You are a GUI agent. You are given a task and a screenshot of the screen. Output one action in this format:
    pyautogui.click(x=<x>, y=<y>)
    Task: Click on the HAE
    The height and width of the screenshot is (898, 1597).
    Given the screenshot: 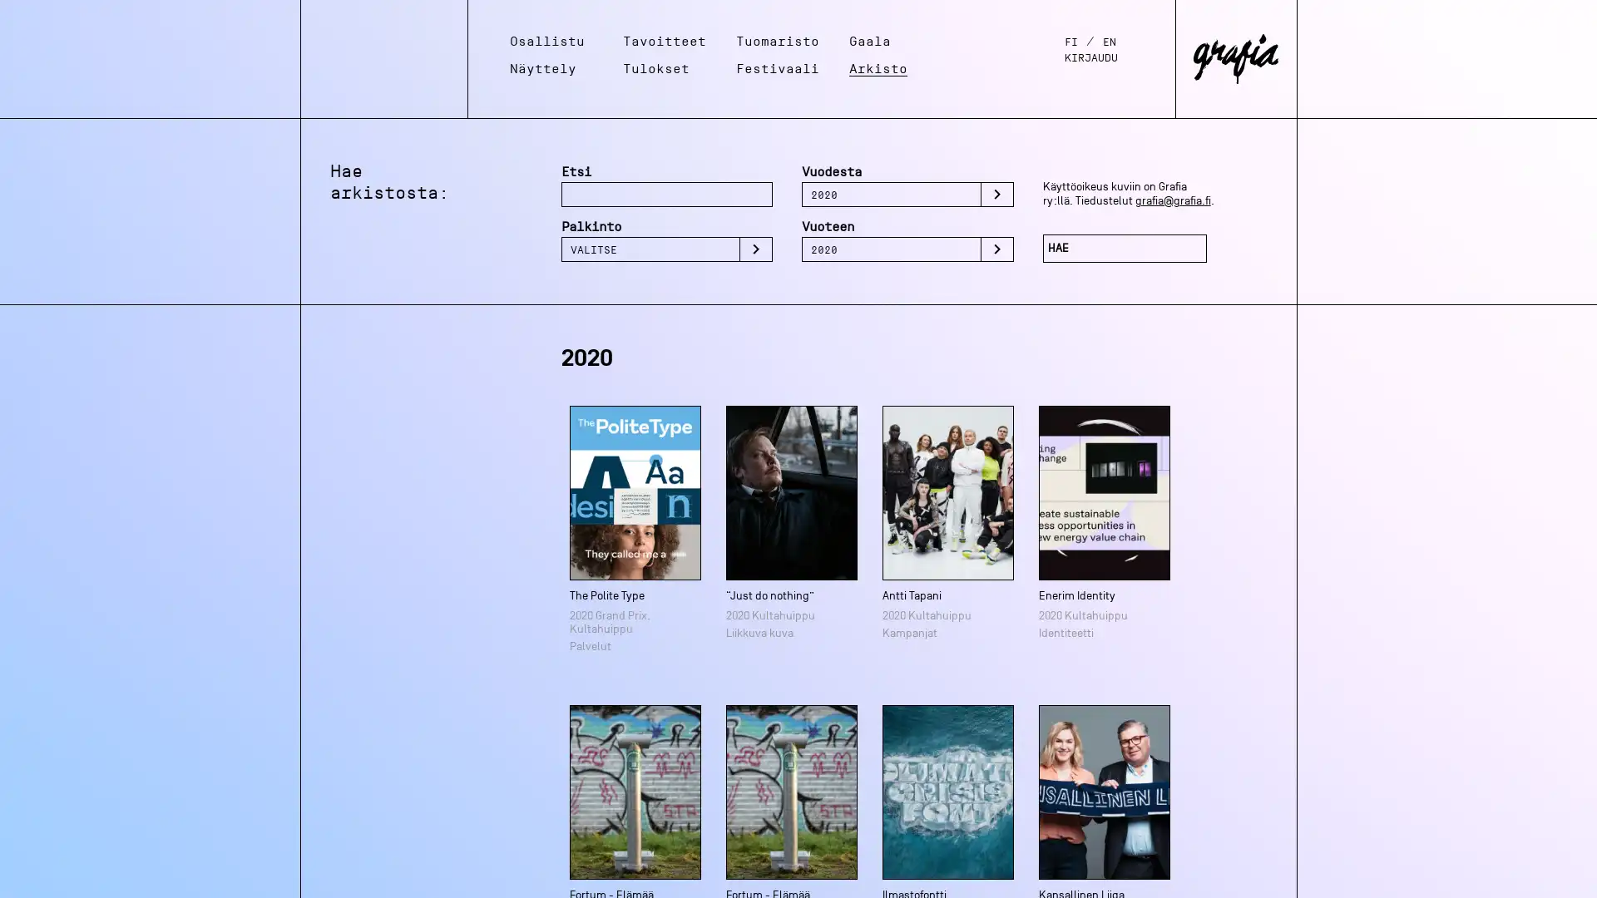 What is the action you would take?
    pyautogui.click(x=1125, y=249)
    